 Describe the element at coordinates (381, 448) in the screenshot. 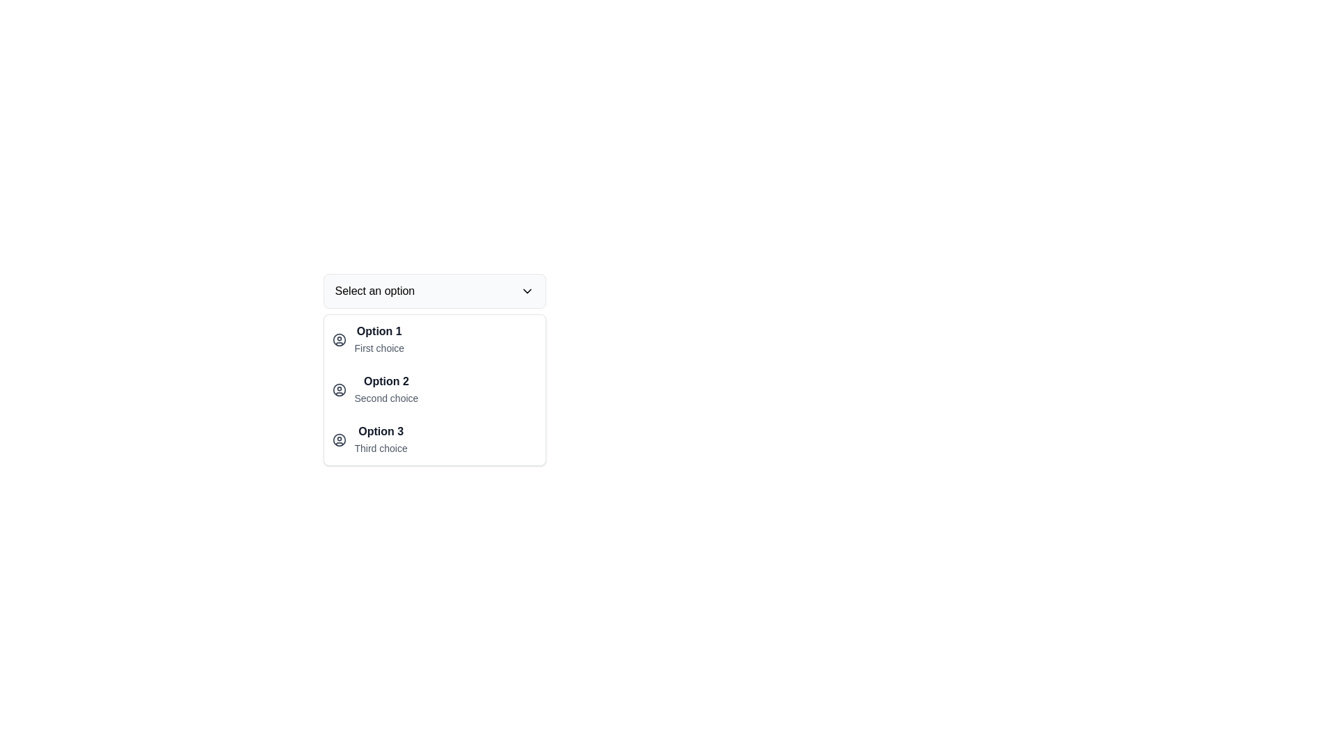

I see `text label that contains 'Third choice', which is styled with a small text size and gray color, located below 'Option 3' in the dropdown menu` at that location.